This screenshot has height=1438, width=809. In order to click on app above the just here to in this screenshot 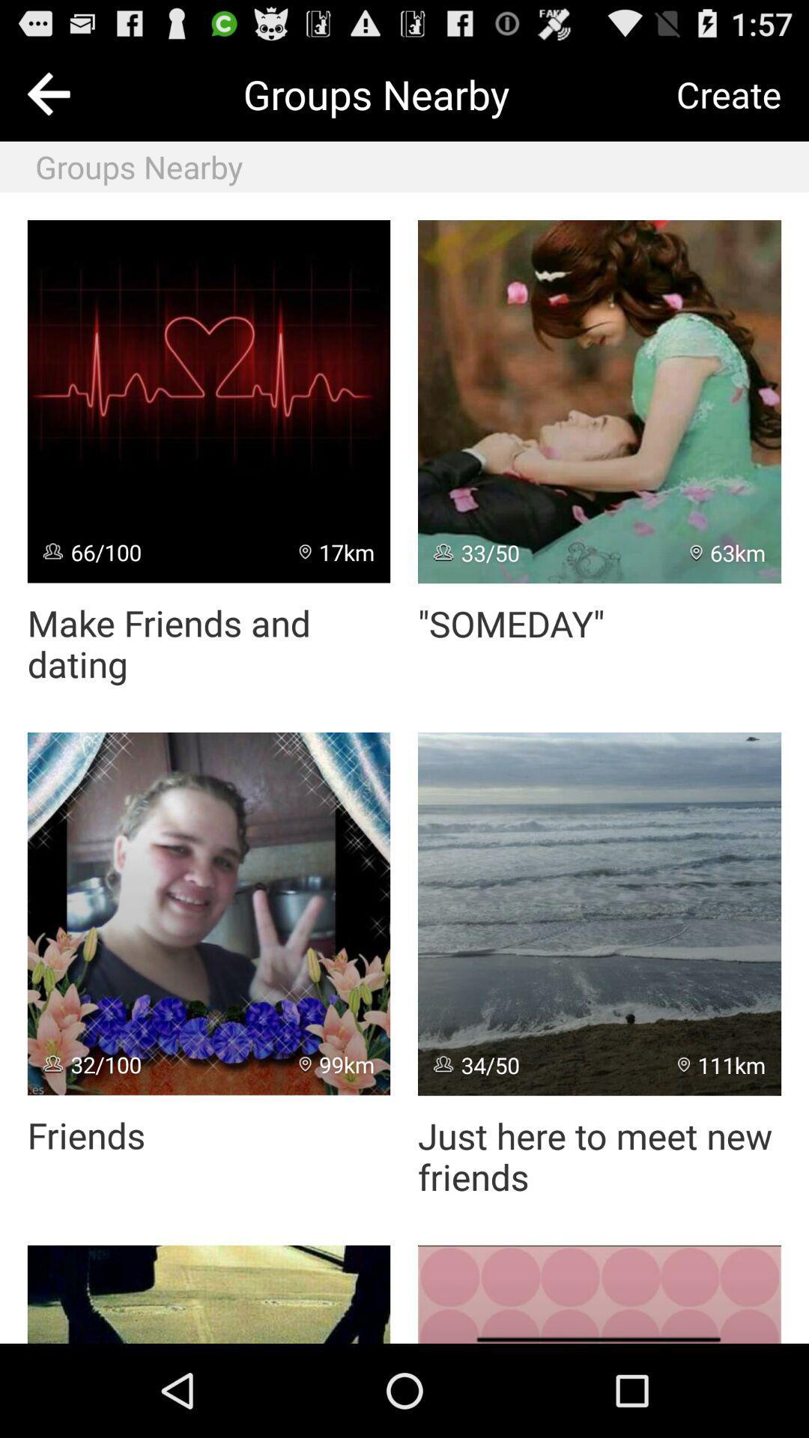, I will do `click(721, 1064)`.